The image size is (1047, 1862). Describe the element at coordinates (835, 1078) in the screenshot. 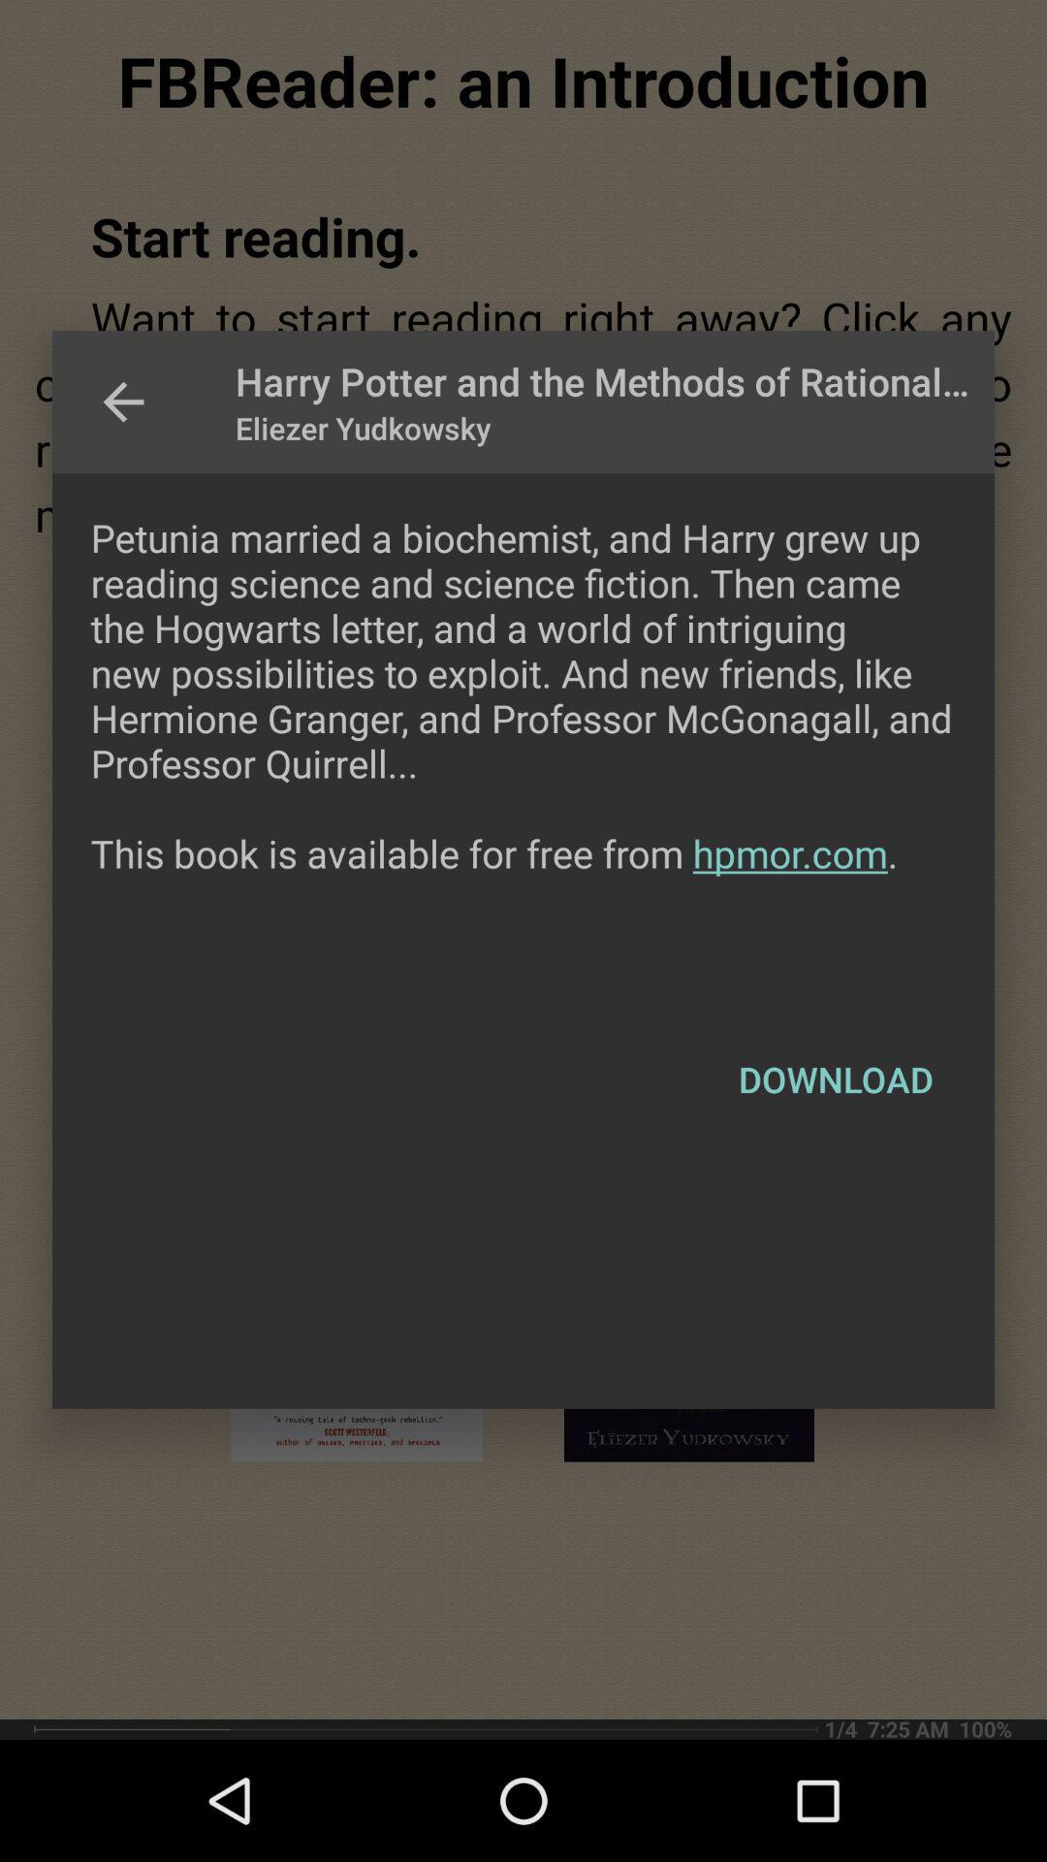

I see `download on the right` at that location.